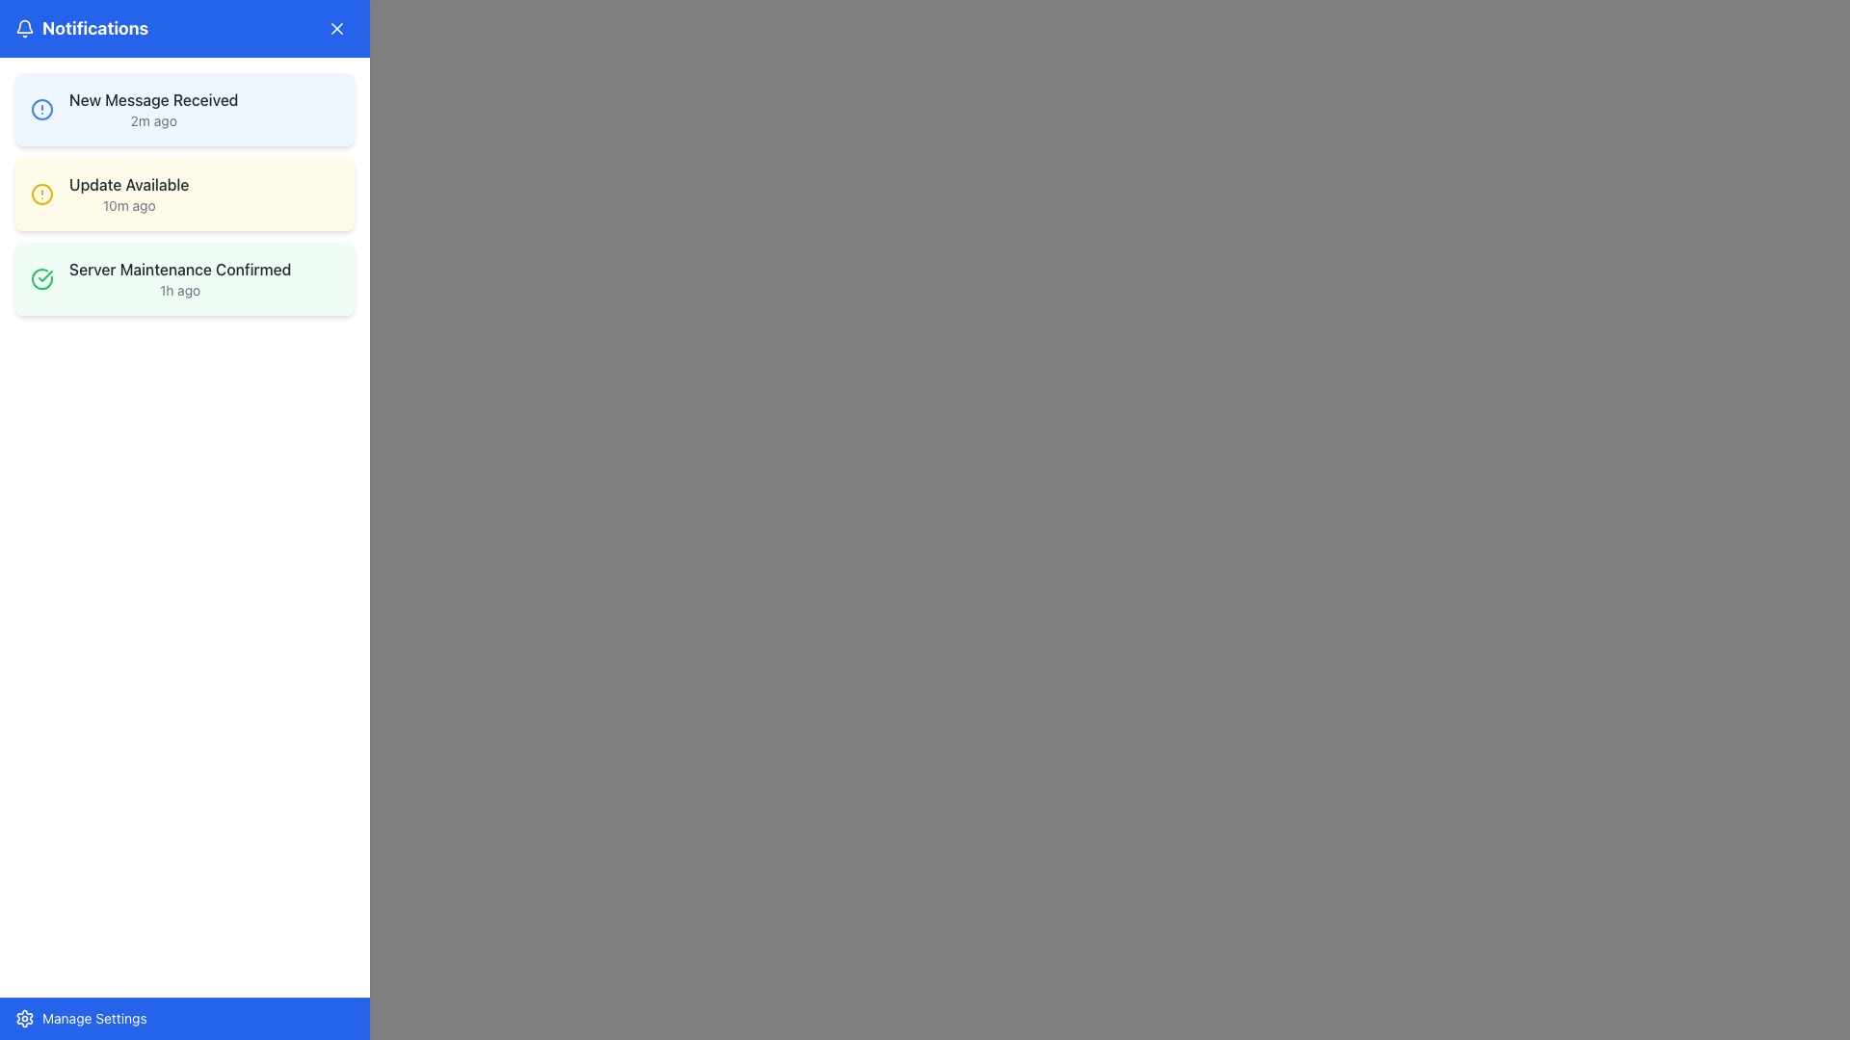 The width and height of the screenshot is (1850, 1040). I want to click on the label displaying '10m ago' which is located under the 'Update Available' title in the notification entry on the notification panel, so click(128, 205).